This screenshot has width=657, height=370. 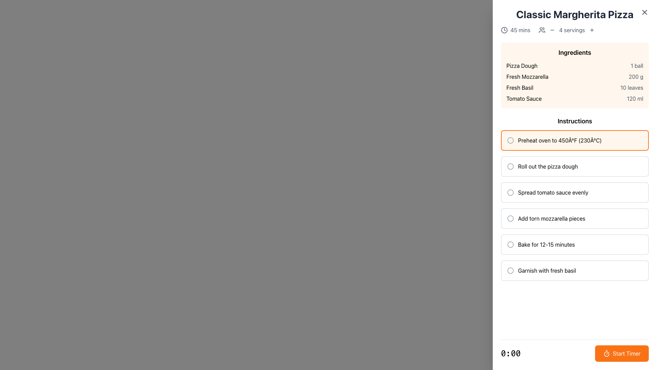 I want to click on informational display that shows '45 mins' and '4 servings' with interactive buttons for adjusting servings, located at the top of the right panel underneath the title 'Classic Margherita Pizza', so click(x=575, y=30).